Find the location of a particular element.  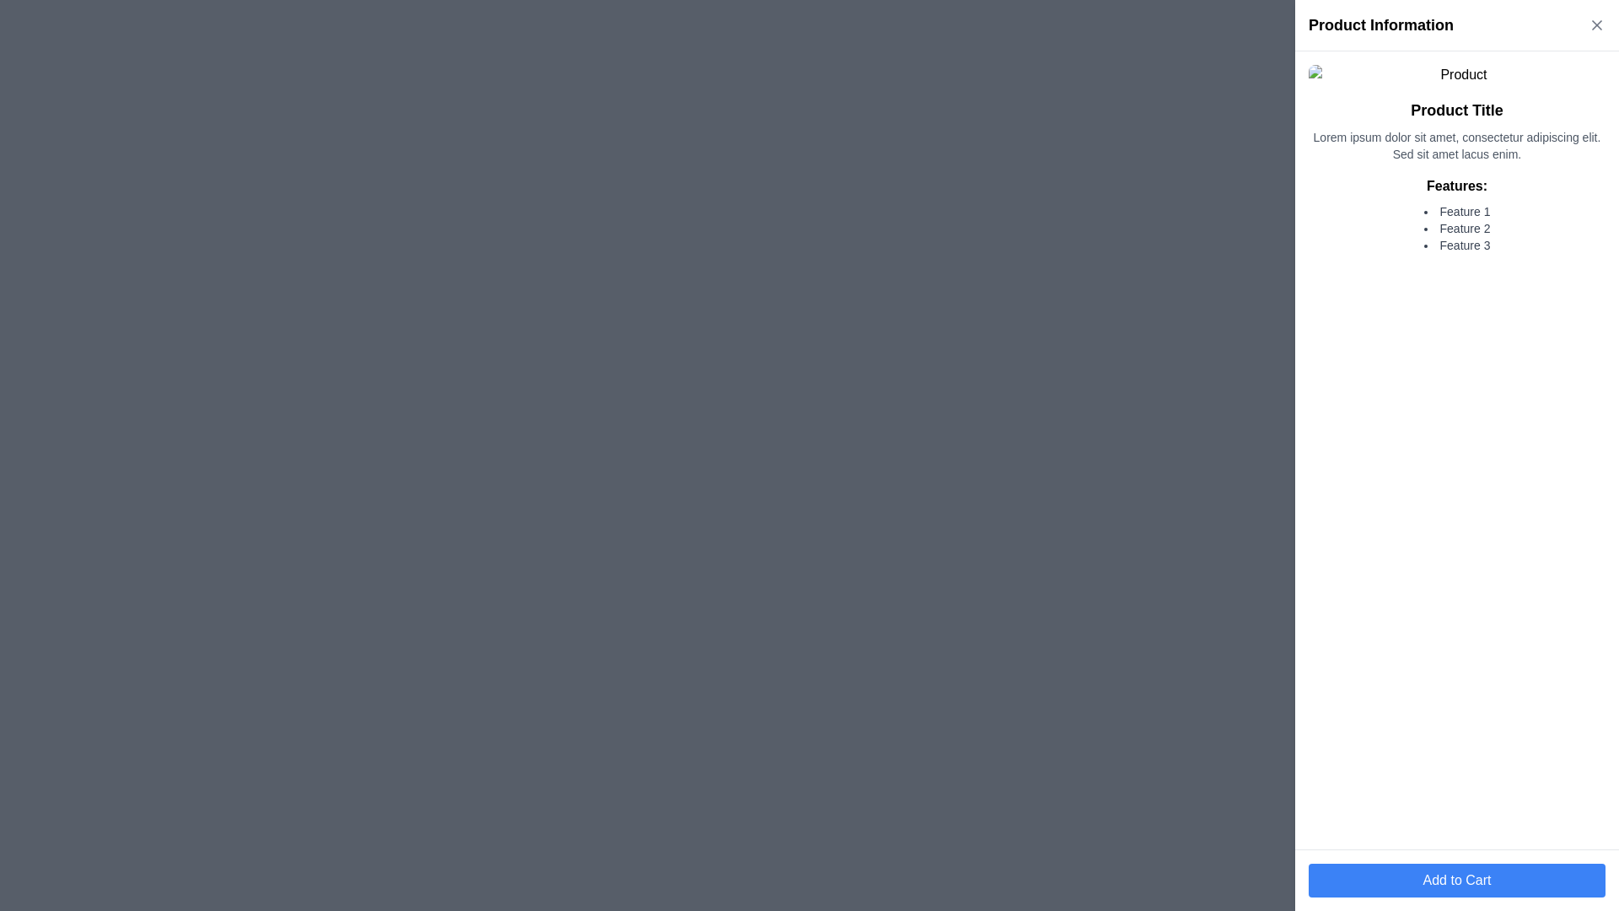

the 'Add to Cart' button, which is a rectangular button with a blue background and white text, located at the bottom of the interface is located at coordinates (1456, 880).